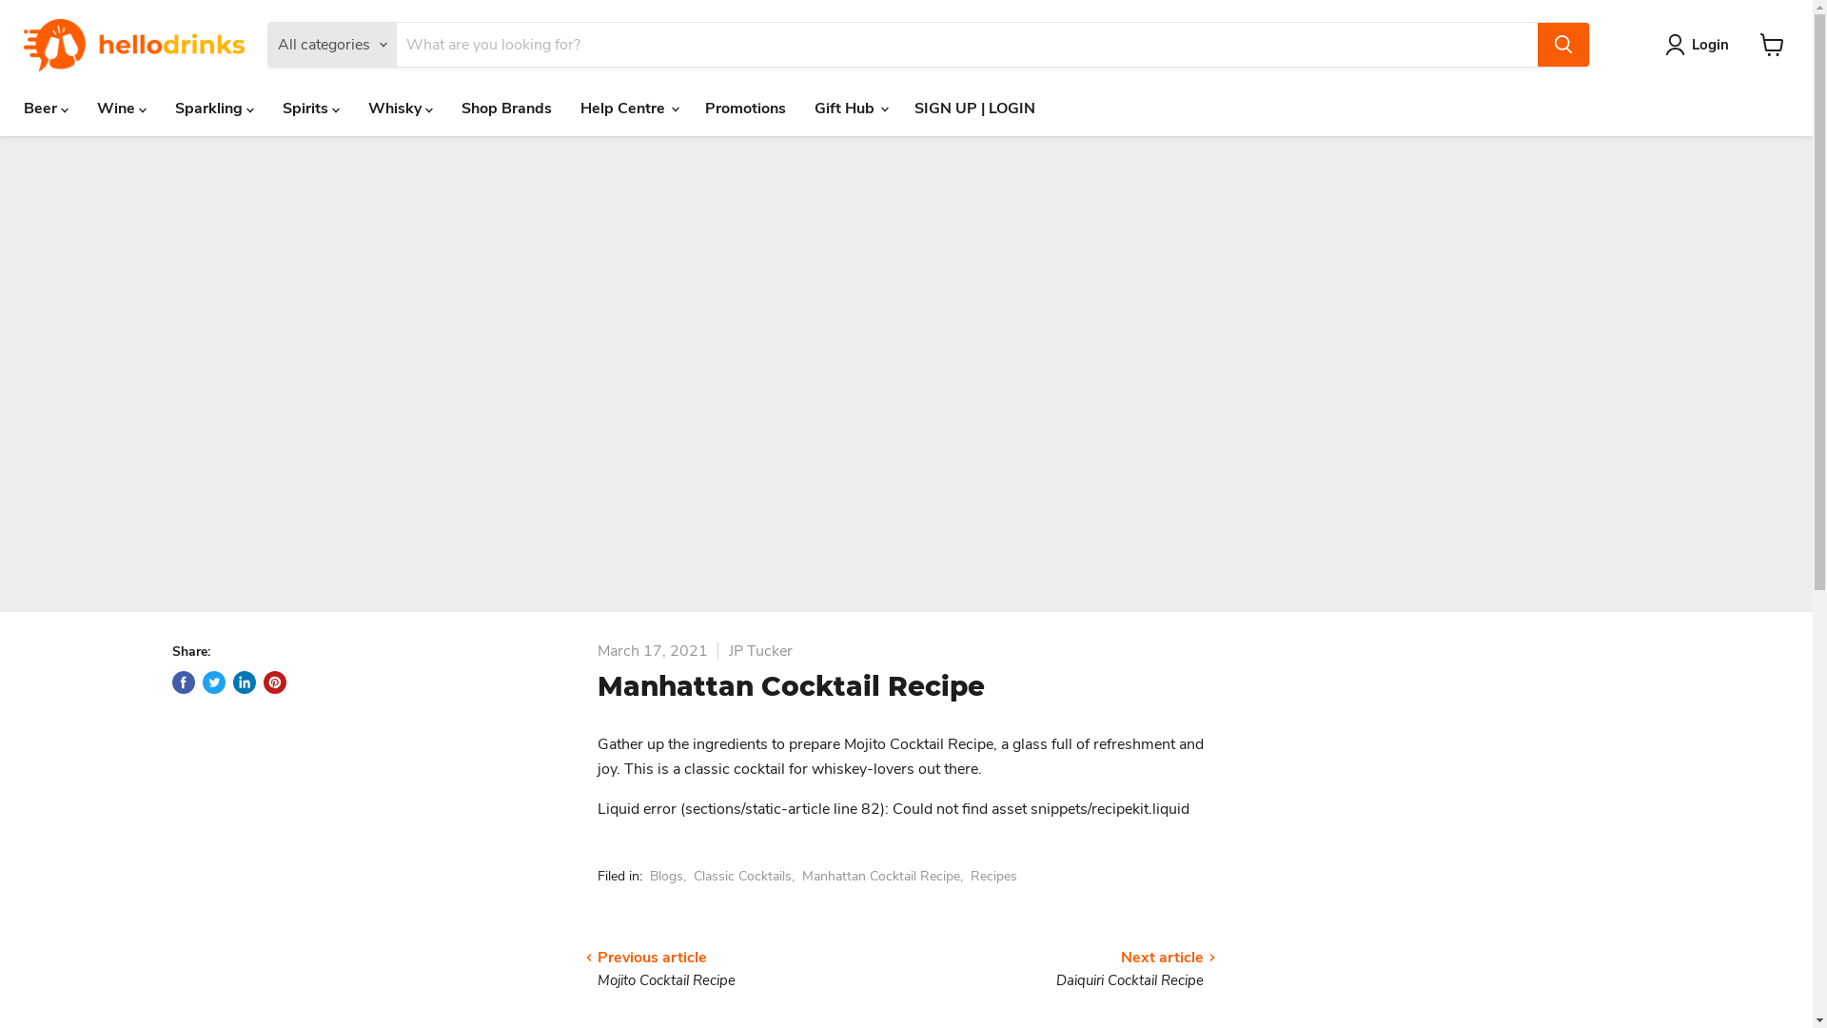  I want to click on 'Pin on Pinterest', so click(261, 682).